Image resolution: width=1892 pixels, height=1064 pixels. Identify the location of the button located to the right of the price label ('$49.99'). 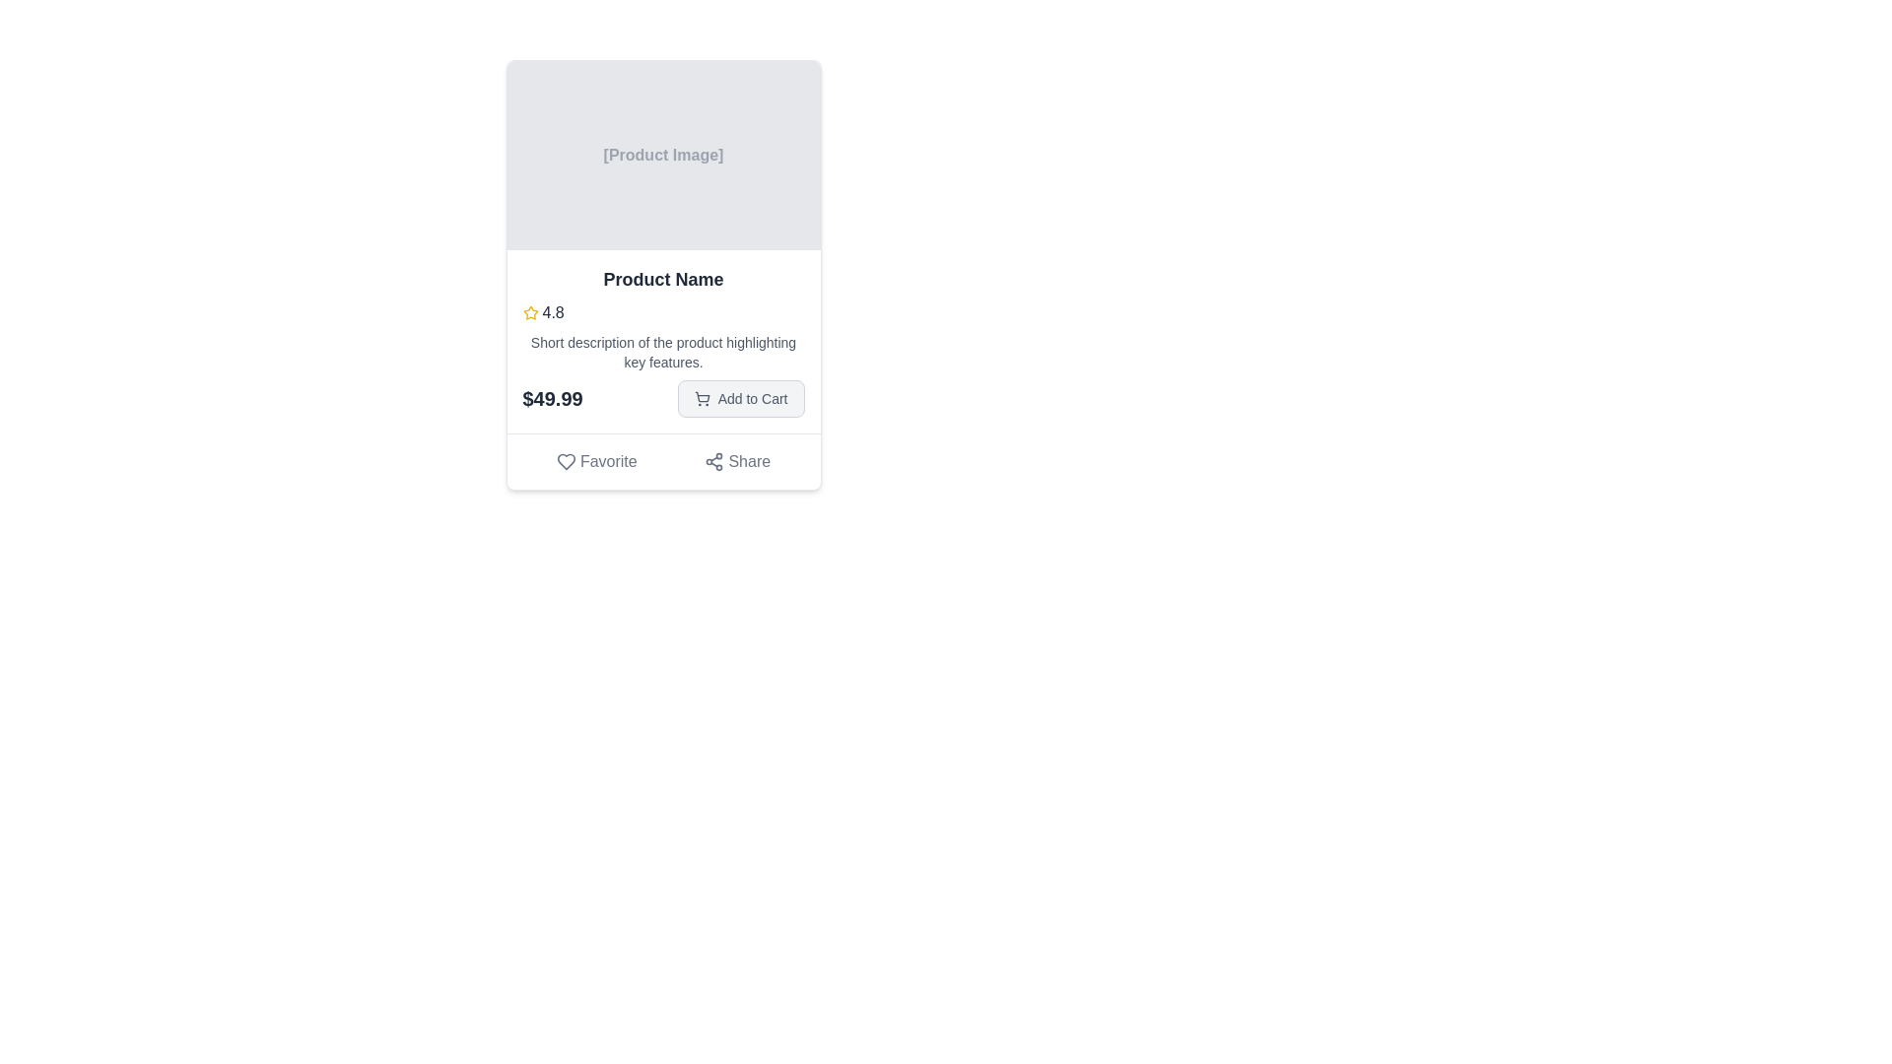
(740, 399).